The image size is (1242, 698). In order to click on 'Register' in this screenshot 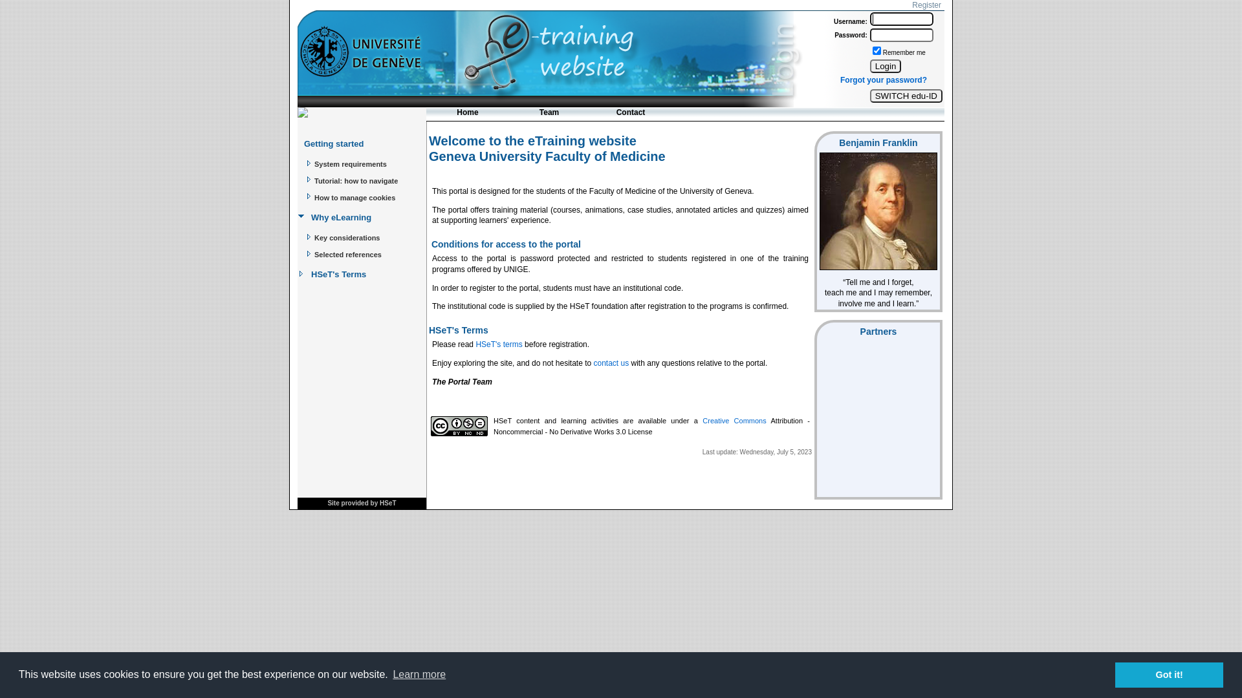, I will do `click(908, 5)`.